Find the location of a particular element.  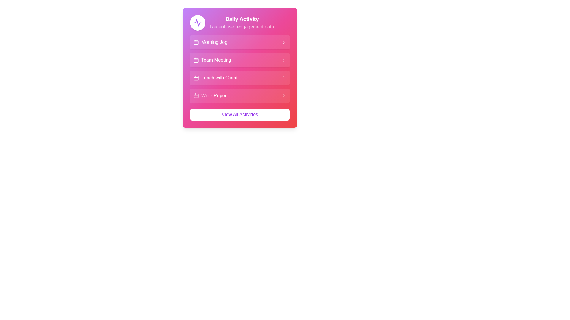

the fourth list item labeled 'Write Report' in the Daily Activity section is located at coordinates (240, 95).